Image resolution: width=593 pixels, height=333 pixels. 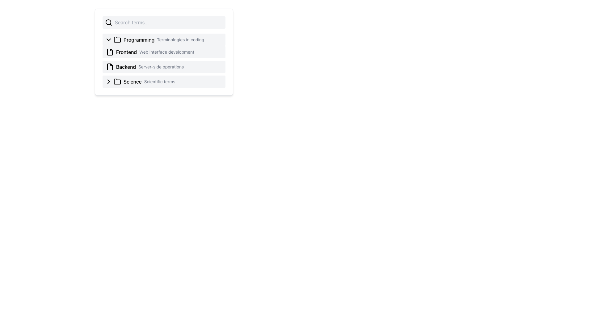 What do you see at coordinates (160, 81) in the screenshot?
I see `the static text label reading 'Scientific terms', which is styled in grey and positioned to the right of the label 'Science'` at bounding box center [160, 81].